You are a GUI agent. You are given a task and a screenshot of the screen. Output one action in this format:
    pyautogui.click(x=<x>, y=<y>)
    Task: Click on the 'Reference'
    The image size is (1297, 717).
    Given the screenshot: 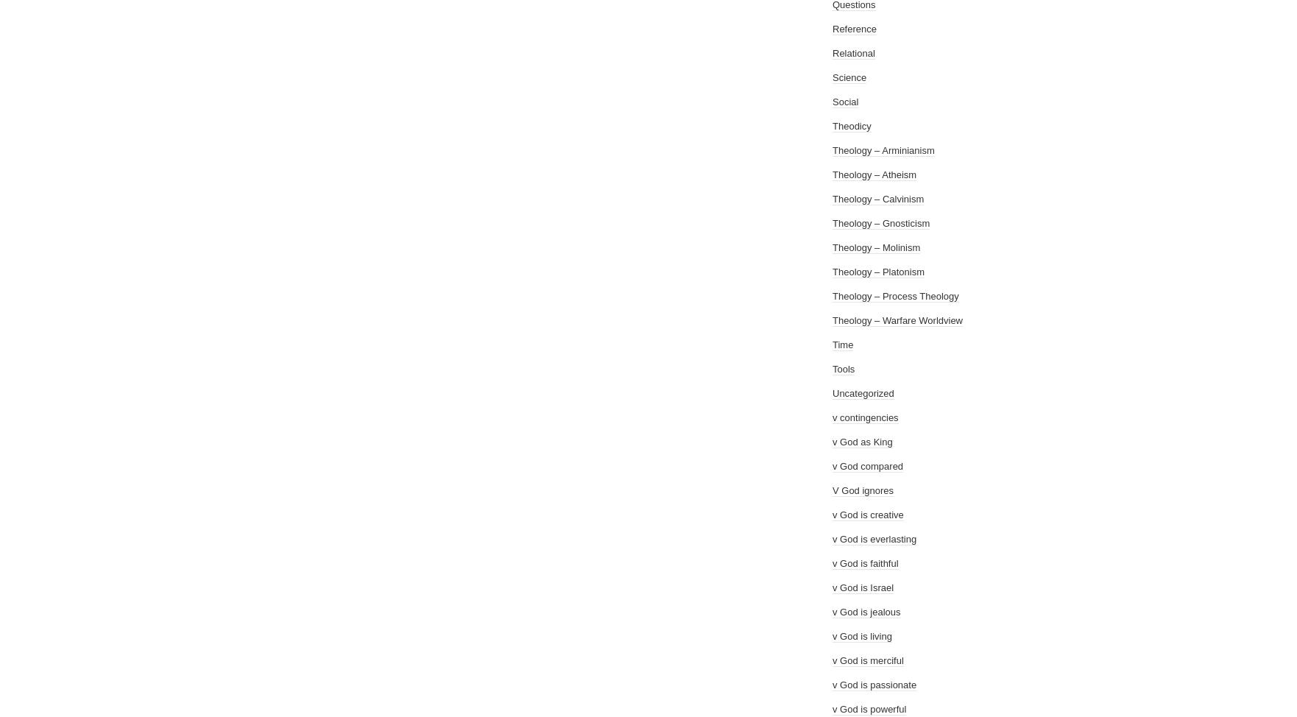 What is the action you would take?
    pyautogui.click(x=854, y=29)
    